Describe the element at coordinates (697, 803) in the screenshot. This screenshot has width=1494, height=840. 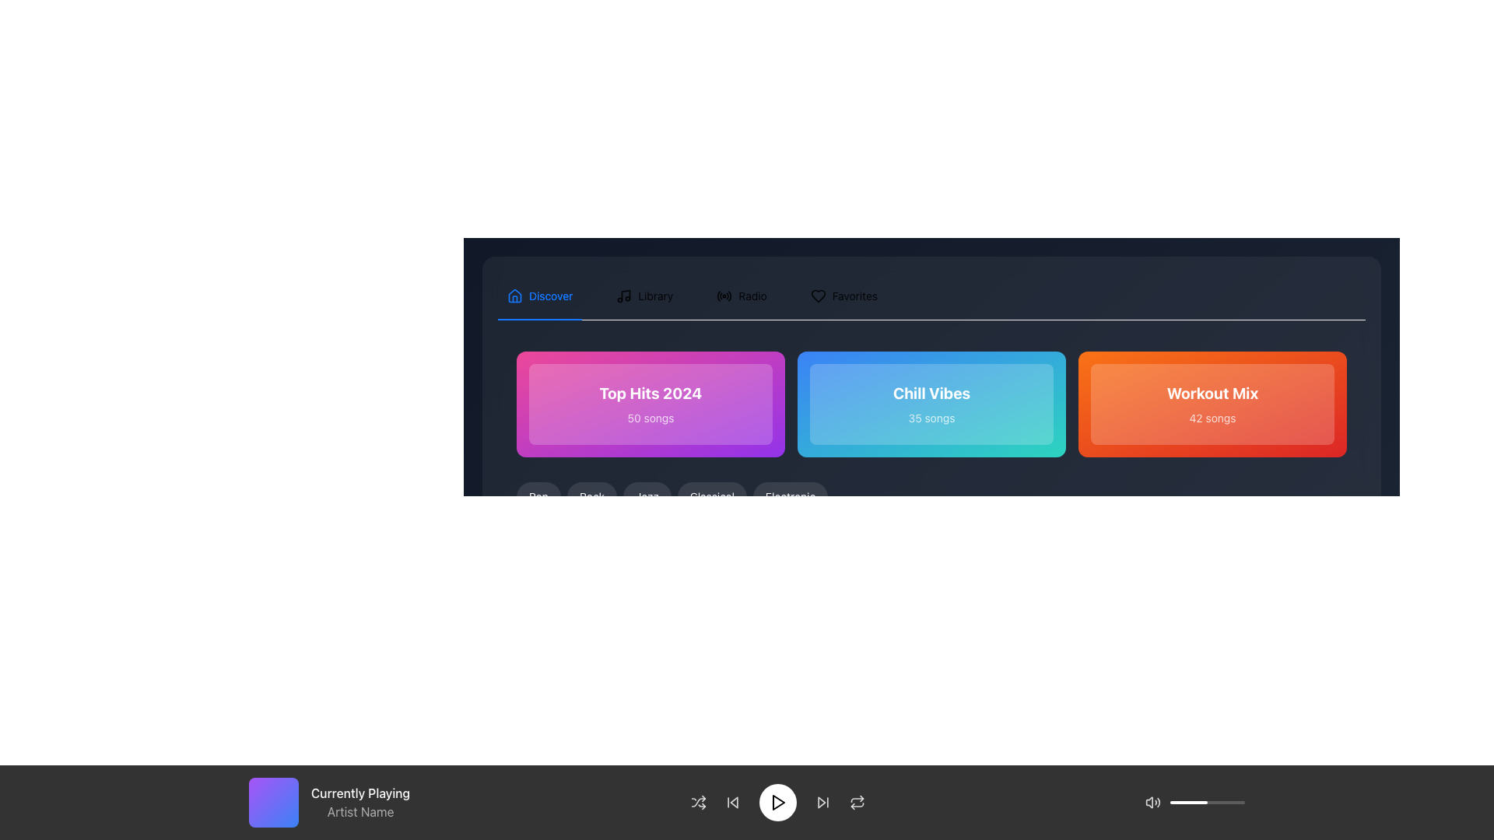
I see `the shuffle button, which is represented by an icon of curved intersecting arrows in white against a dark background, located in the bottom navigation bar to the left of the playback controls` at that location.